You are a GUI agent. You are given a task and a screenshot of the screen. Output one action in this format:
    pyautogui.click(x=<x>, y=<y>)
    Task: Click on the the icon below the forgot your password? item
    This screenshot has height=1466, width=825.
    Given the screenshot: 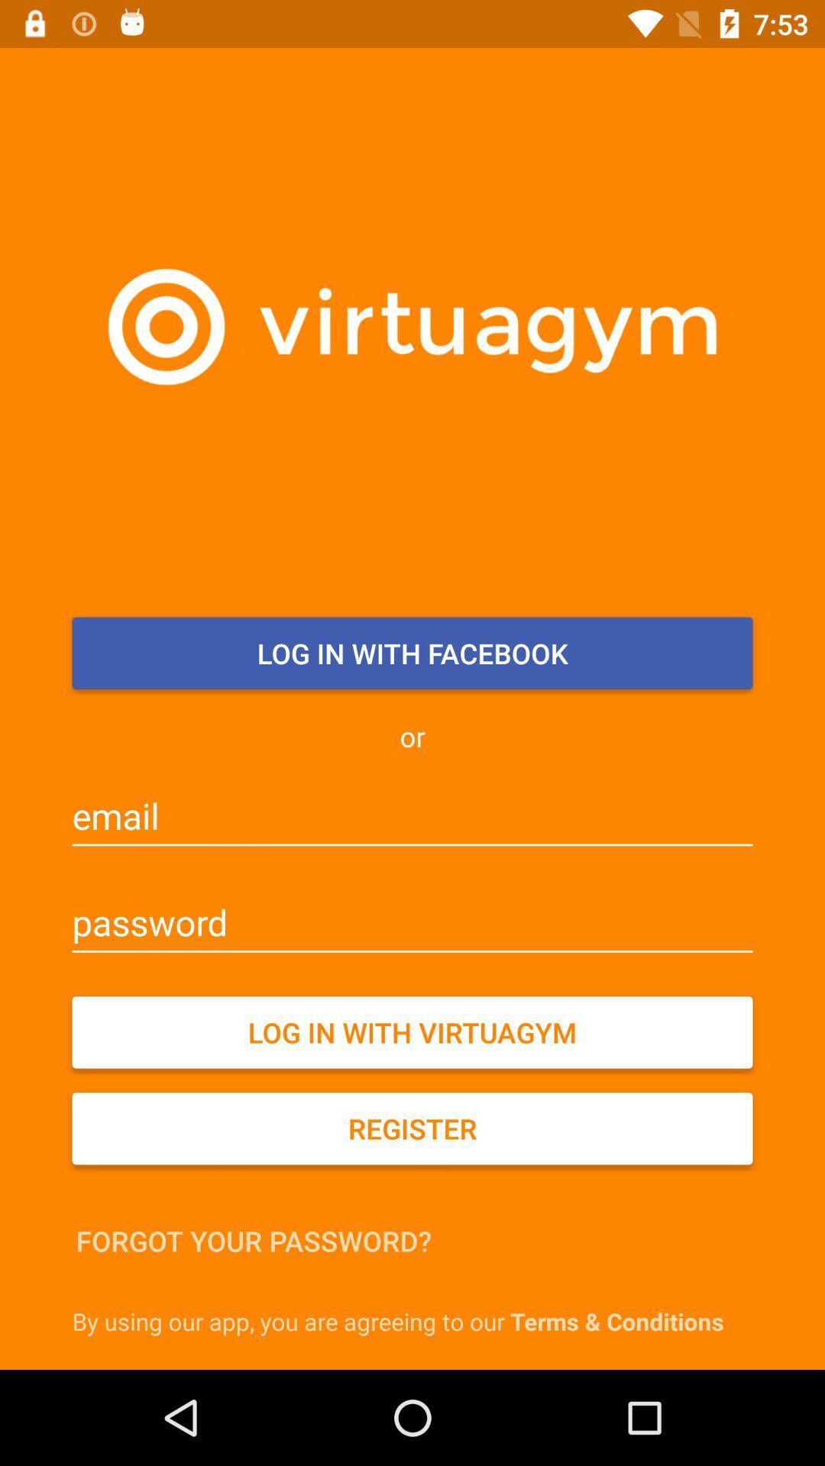 What is the action you would take?
    pyautogui.click(x=416, y=1320)
    